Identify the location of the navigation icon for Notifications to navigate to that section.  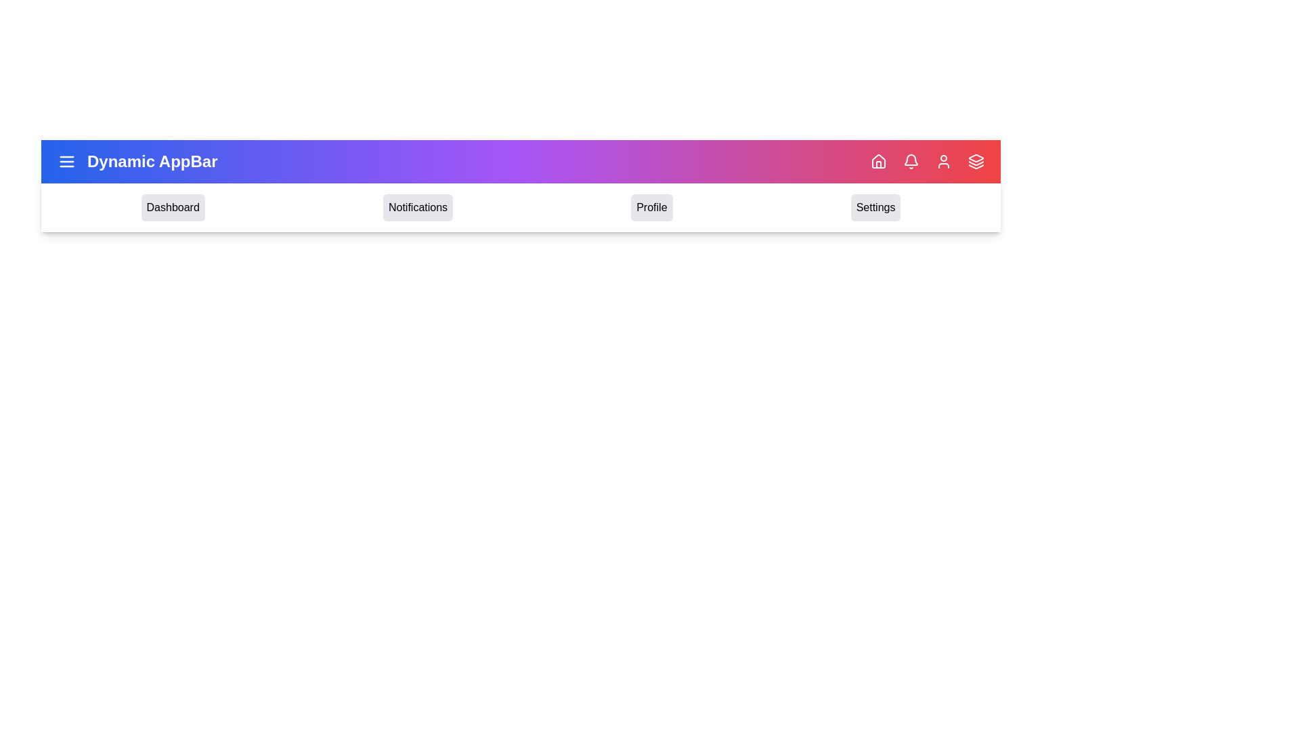
(417, 208).